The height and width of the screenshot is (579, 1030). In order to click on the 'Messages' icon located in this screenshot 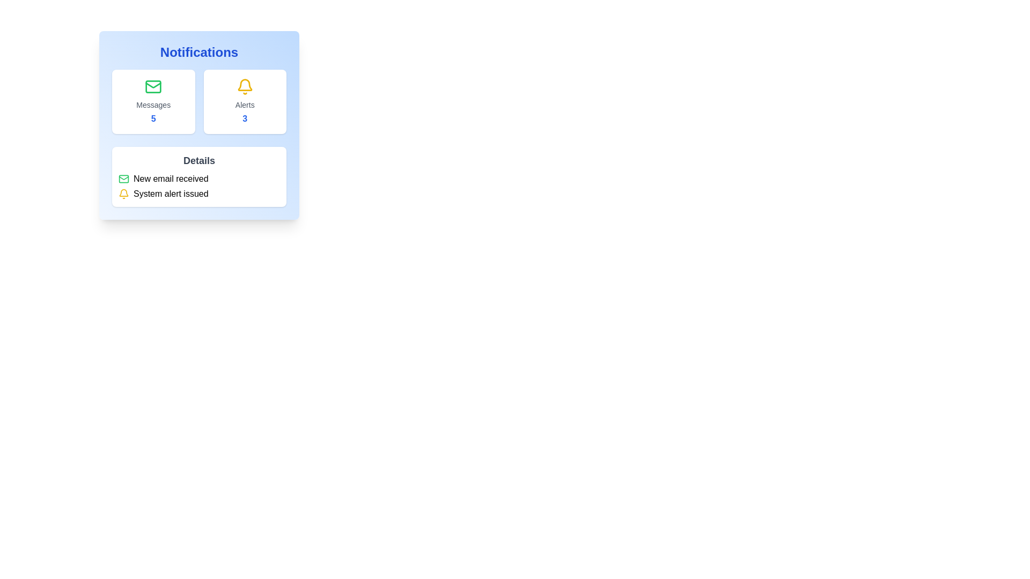, I will do `click(153, 86)`.